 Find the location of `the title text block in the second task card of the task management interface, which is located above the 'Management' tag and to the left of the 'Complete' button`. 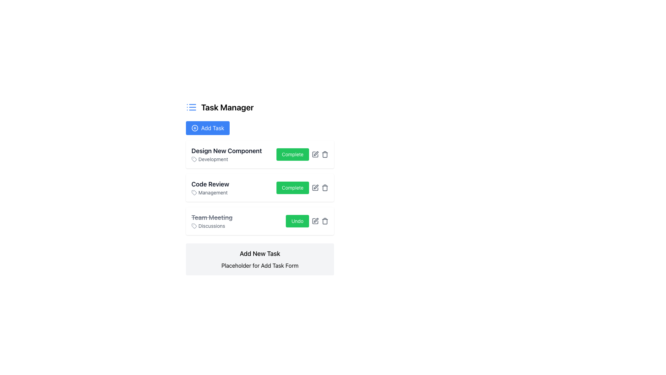

the title text block in the second task card of the task management interface, which is located above the 'Management' tag and to the left of the 'Complete' button is located at coordinates (210, 187).